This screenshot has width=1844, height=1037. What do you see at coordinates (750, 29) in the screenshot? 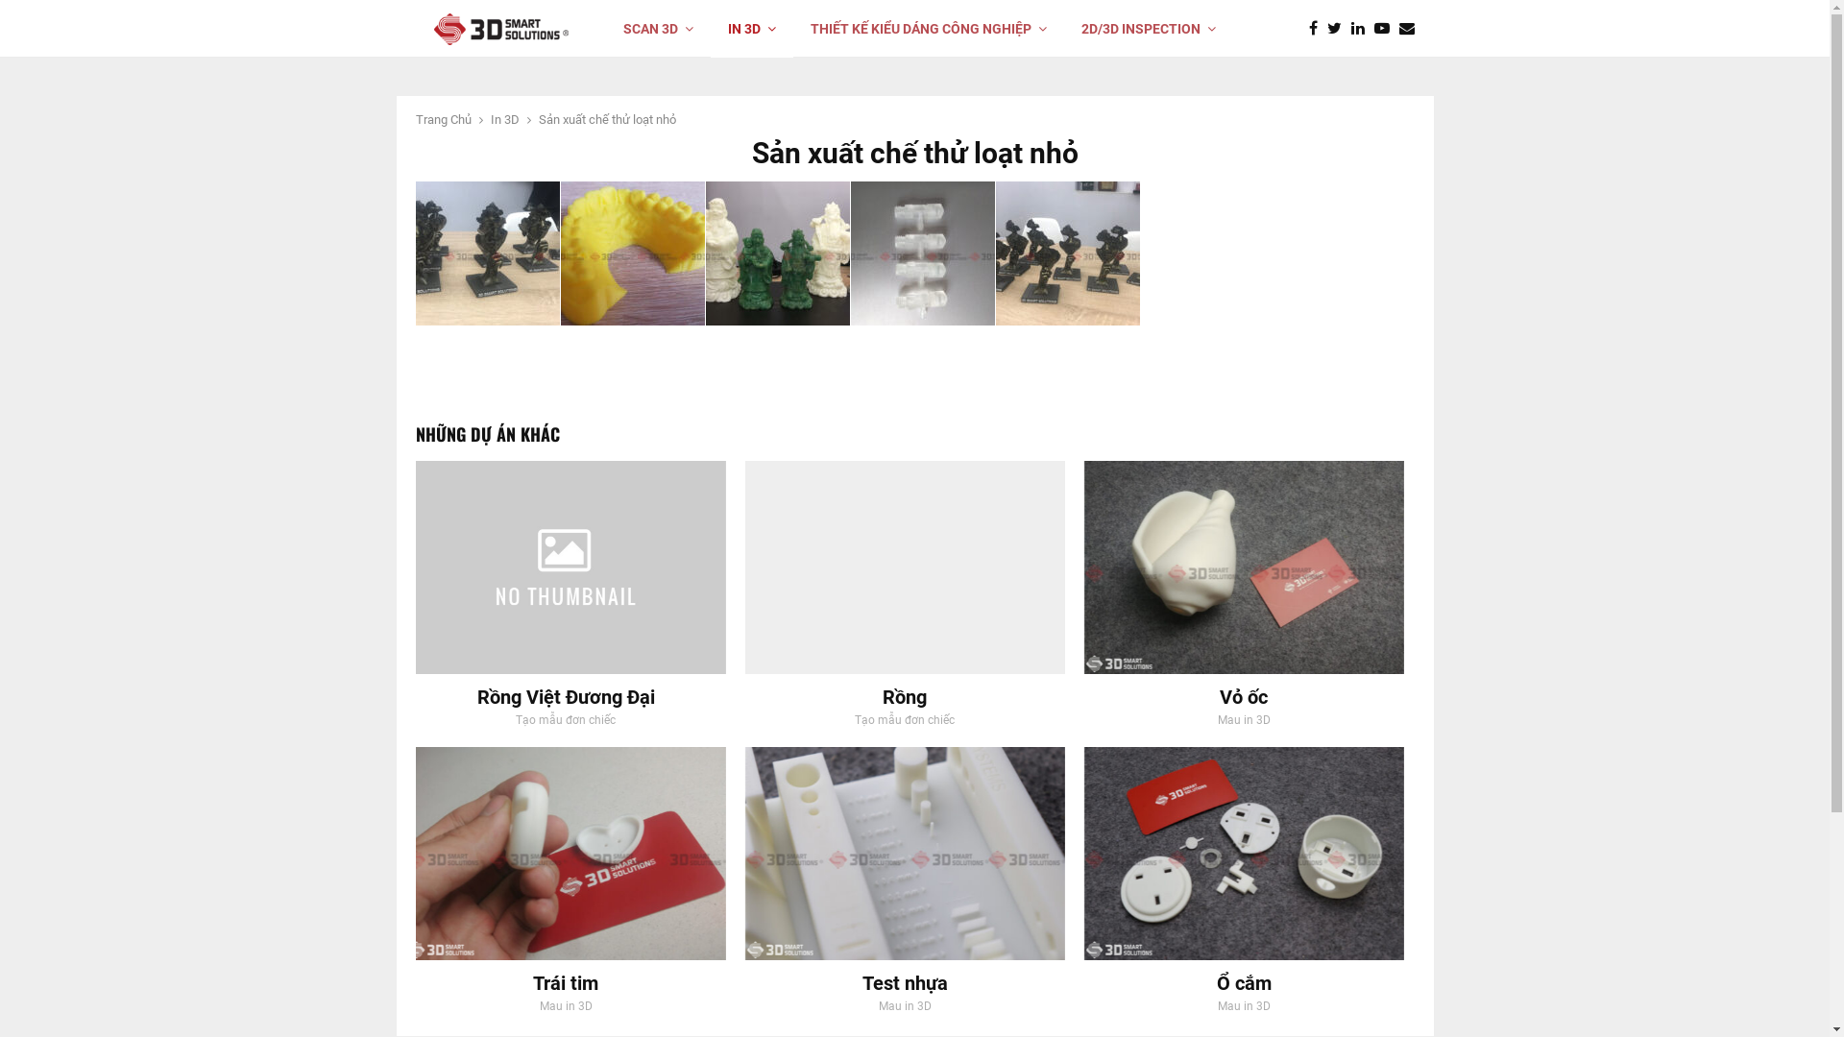
I see `'IN 3D'` at bounding box center [750, 29].